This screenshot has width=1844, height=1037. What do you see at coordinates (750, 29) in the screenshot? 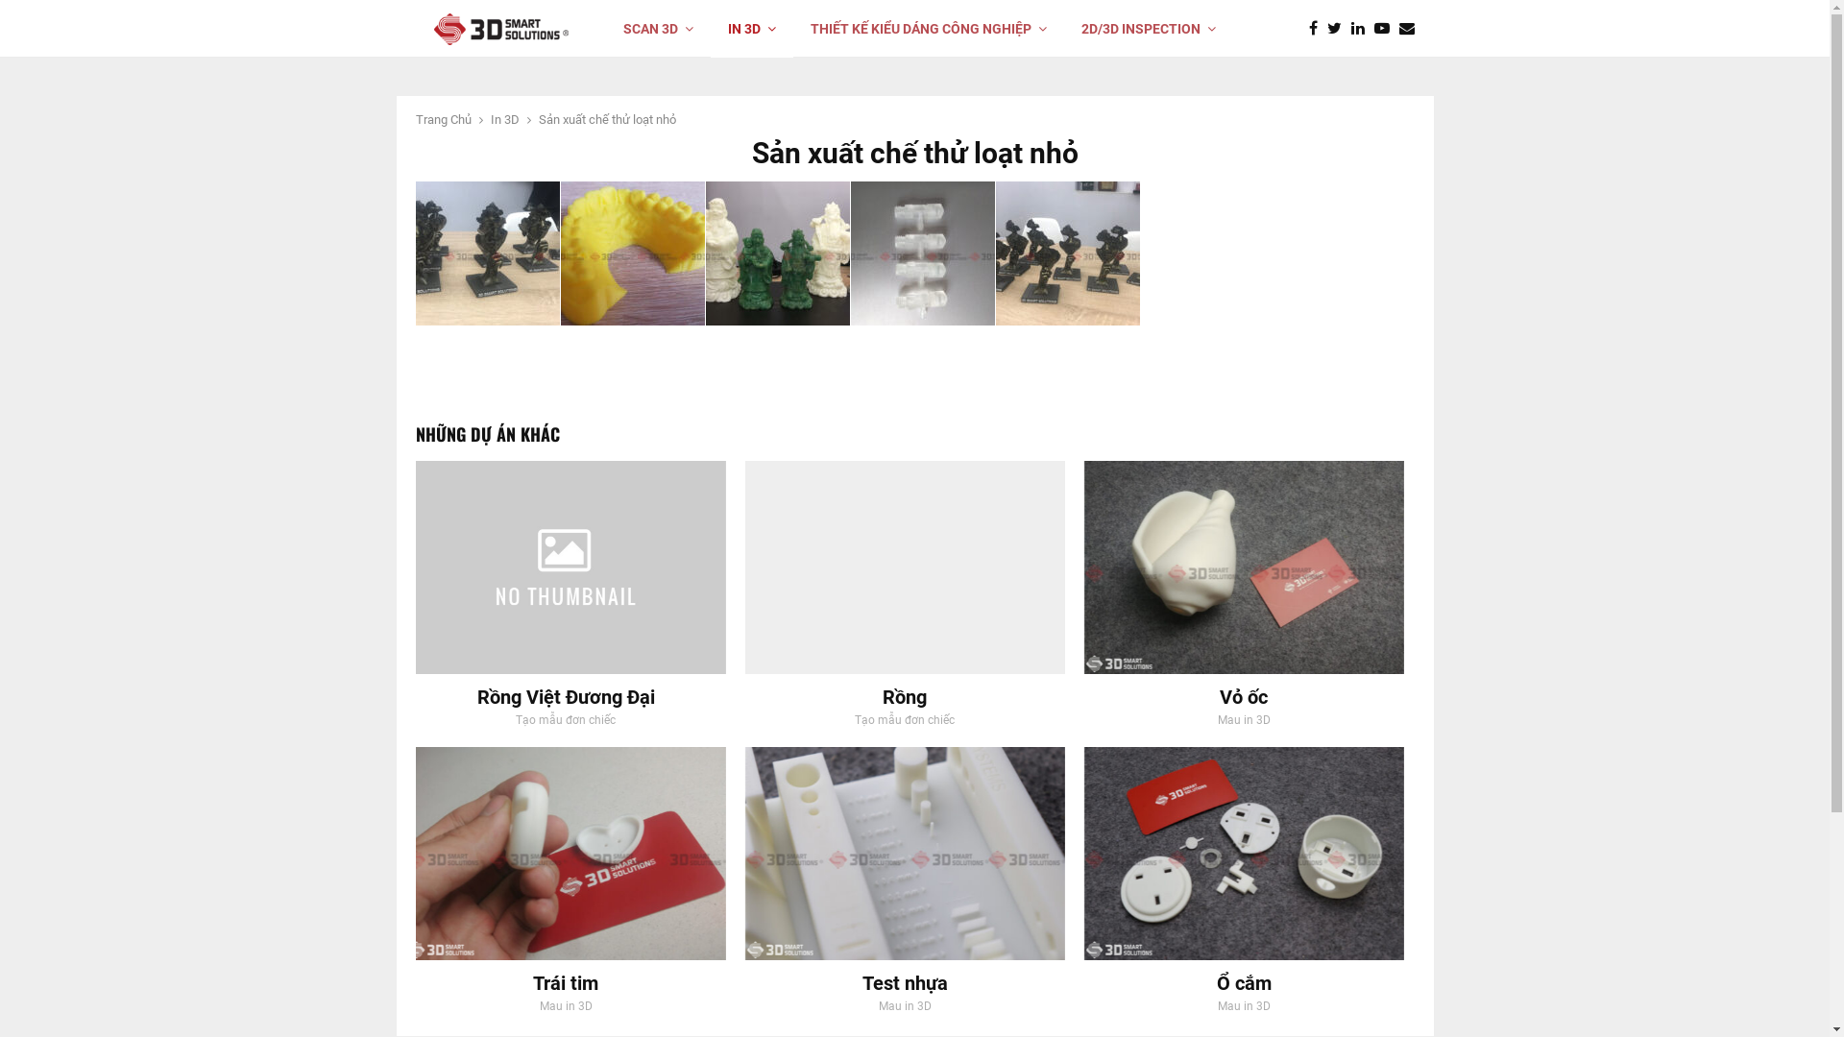
I see `'IN 3D'` at bounding box center [750, 29].